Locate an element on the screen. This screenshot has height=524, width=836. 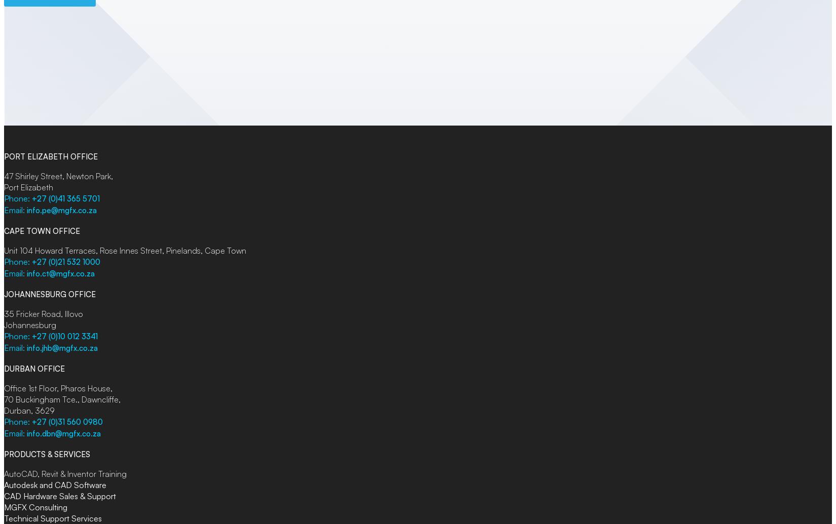
'info.pe@mgfx.co.za' is located at coordinates (61, 210).